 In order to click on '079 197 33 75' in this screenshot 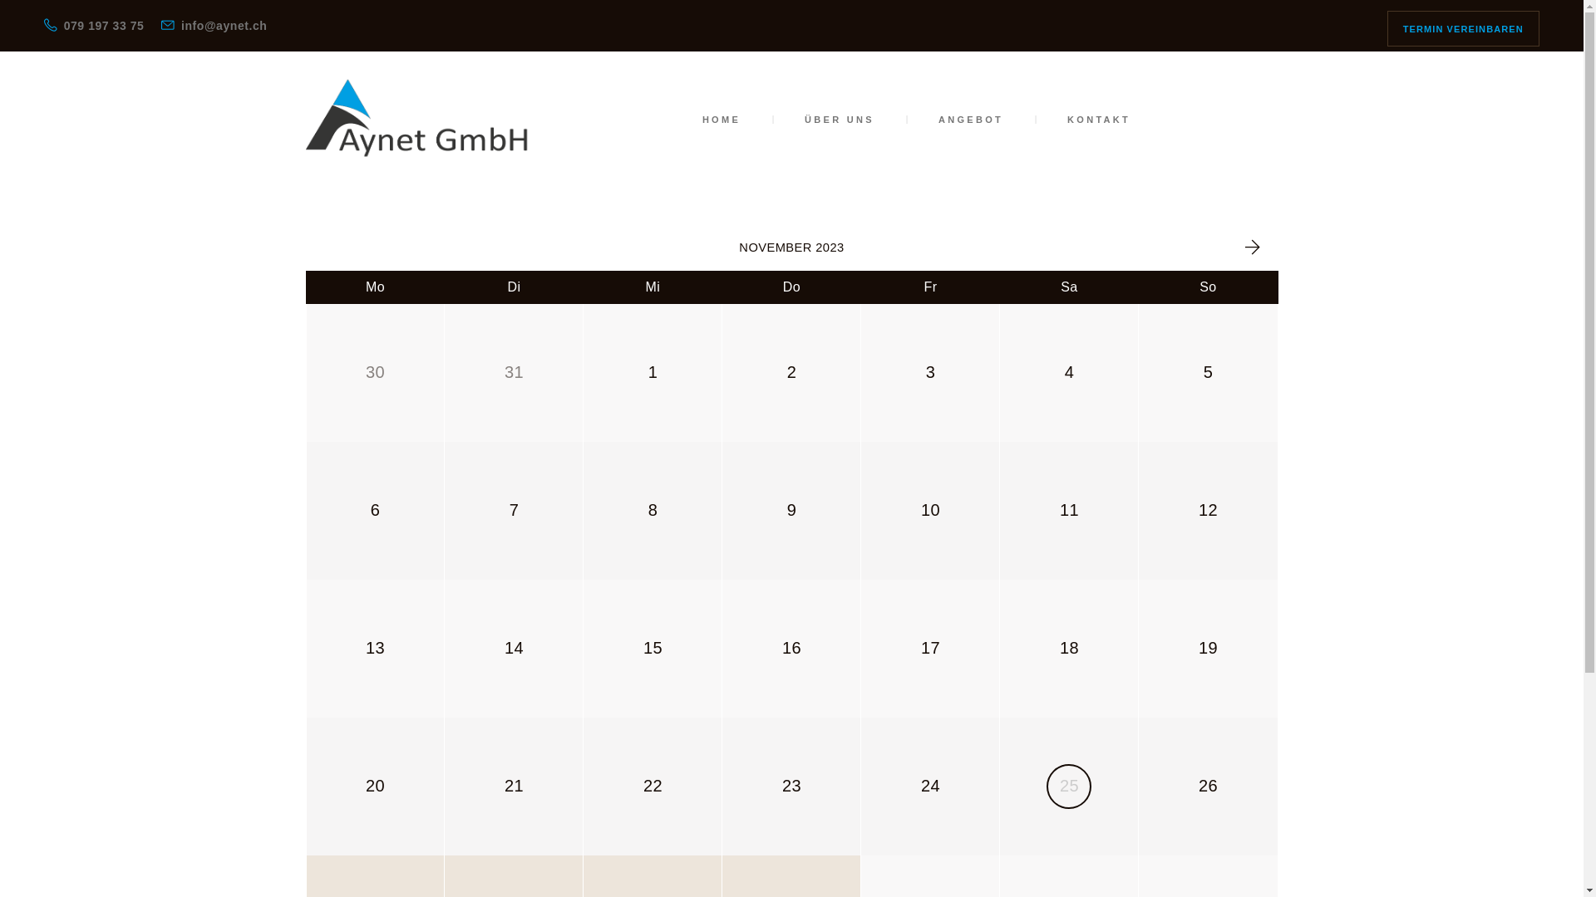, I will do `click(93, 25)`.